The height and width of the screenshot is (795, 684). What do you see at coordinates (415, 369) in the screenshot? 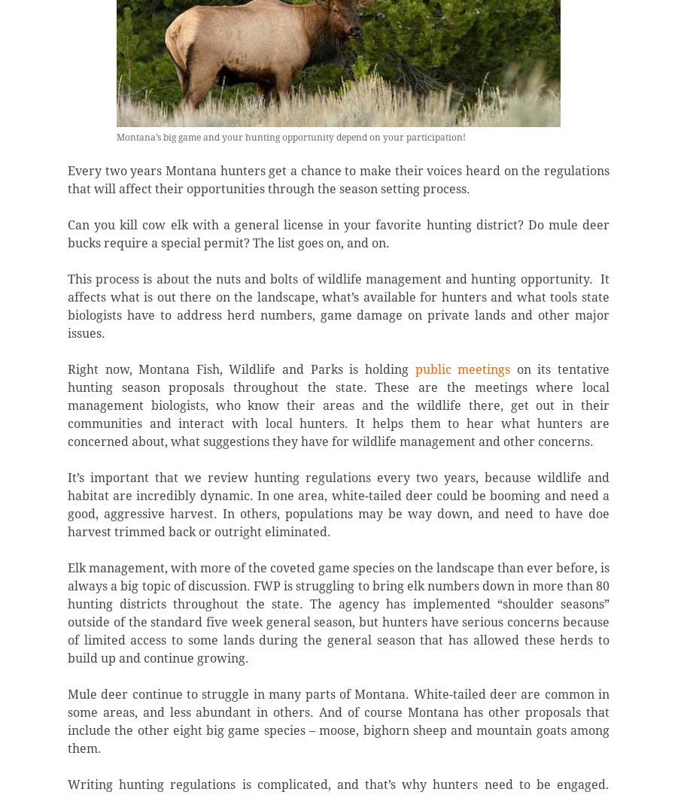
I see `'public meetings'` at bounding box center [415, 369].